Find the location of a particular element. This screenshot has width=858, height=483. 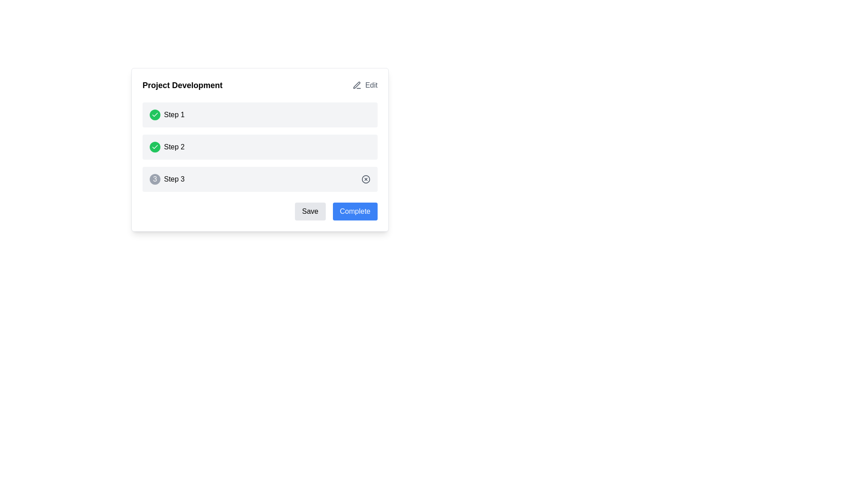

the Label with Icon indicating completion of 'Step 2', which features a green icon and checkmark, positioned centrally between 'Step 1' and 'Step 3' is located at coordinates (167, 146).